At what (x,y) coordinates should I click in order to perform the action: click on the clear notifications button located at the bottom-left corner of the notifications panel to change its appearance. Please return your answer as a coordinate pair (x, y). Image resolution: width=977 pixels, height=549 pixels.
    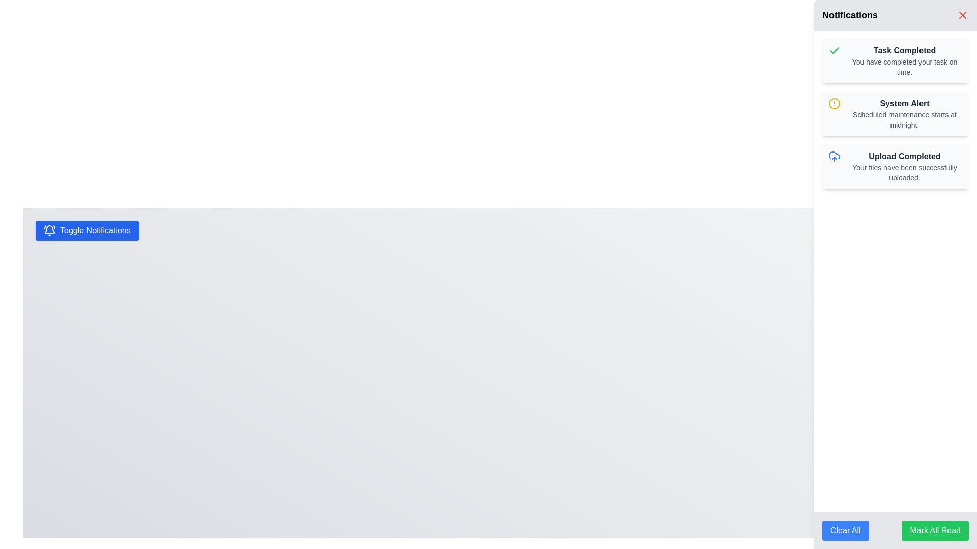
    Looking at the image, I should click on (845, 530).